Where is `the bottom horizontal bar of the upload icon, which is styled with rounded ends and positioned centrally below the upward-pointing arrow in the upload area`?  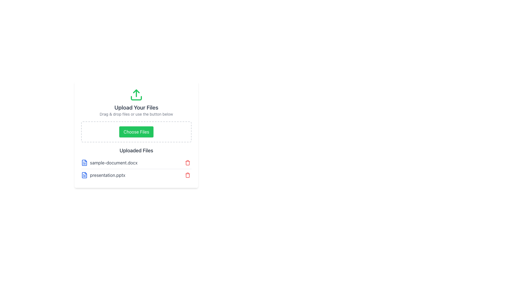 the bottom horizontal bar of the upload icon, which is styled with rounded ends and positioned centrally below the upward-pointing arrow in the upload area is located at coordinates (136, 98).